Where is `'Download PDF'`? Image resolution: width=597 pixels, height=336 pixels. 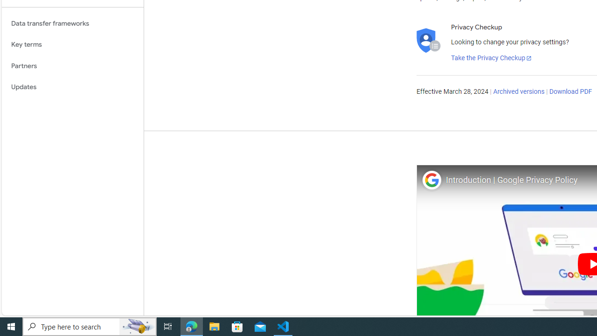 'Download PDF' is located at coordinates (570, 91).